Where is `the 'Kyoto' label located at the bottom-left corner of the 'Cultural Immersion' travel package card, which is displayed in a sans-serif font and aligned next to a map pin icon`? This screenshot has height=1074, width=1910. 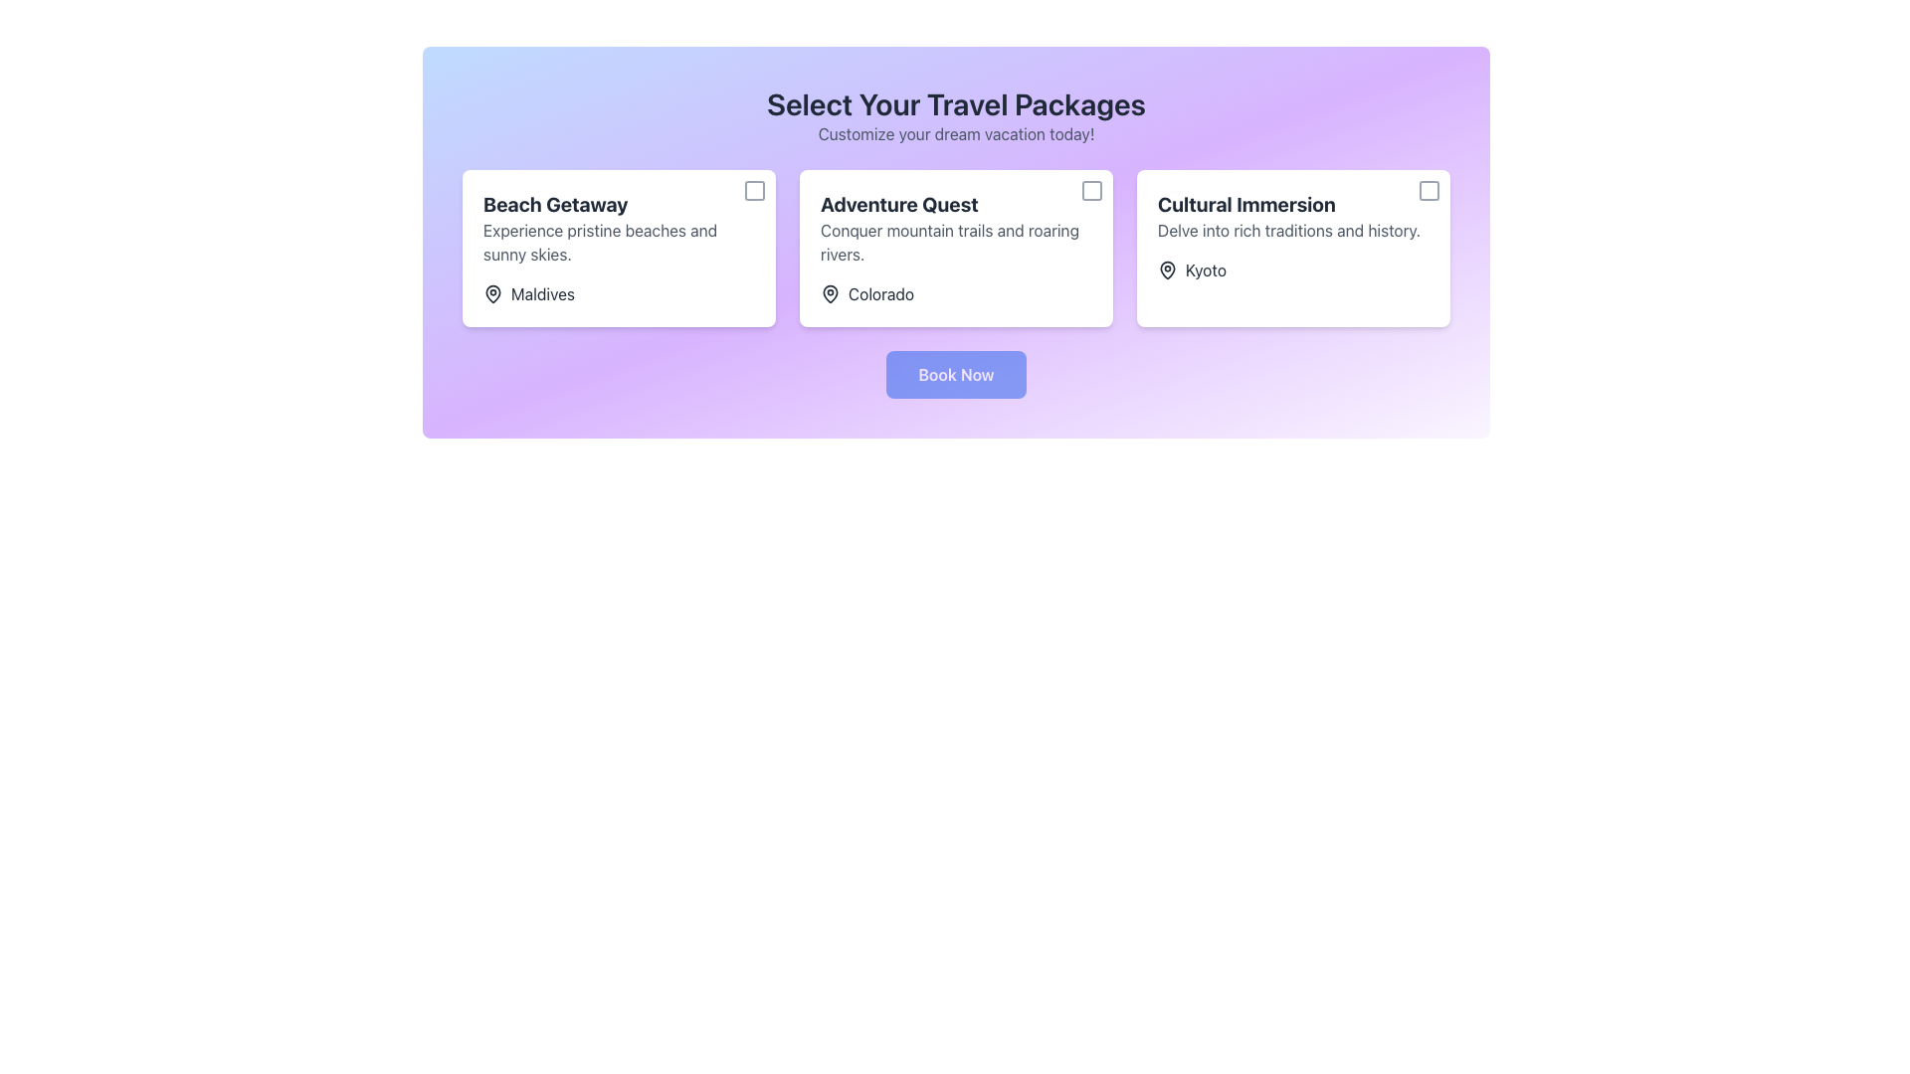 the 'Kyoto' label located at the bottom-left corner of the 'Cultural Immersion' travel package card, which is displayed in a sans-serif font and aligned next to a map pin icon is located at coordinates (1205, 270).